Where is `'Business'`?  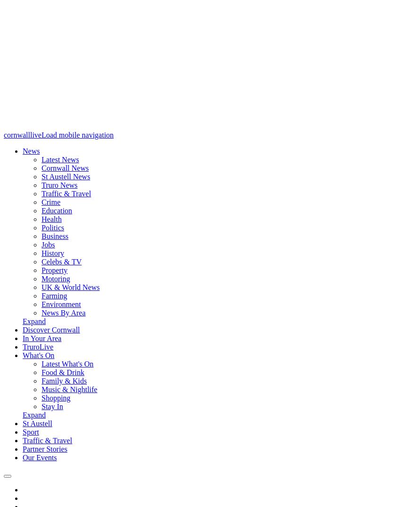
'Business' is located at coordinates (55, 236).